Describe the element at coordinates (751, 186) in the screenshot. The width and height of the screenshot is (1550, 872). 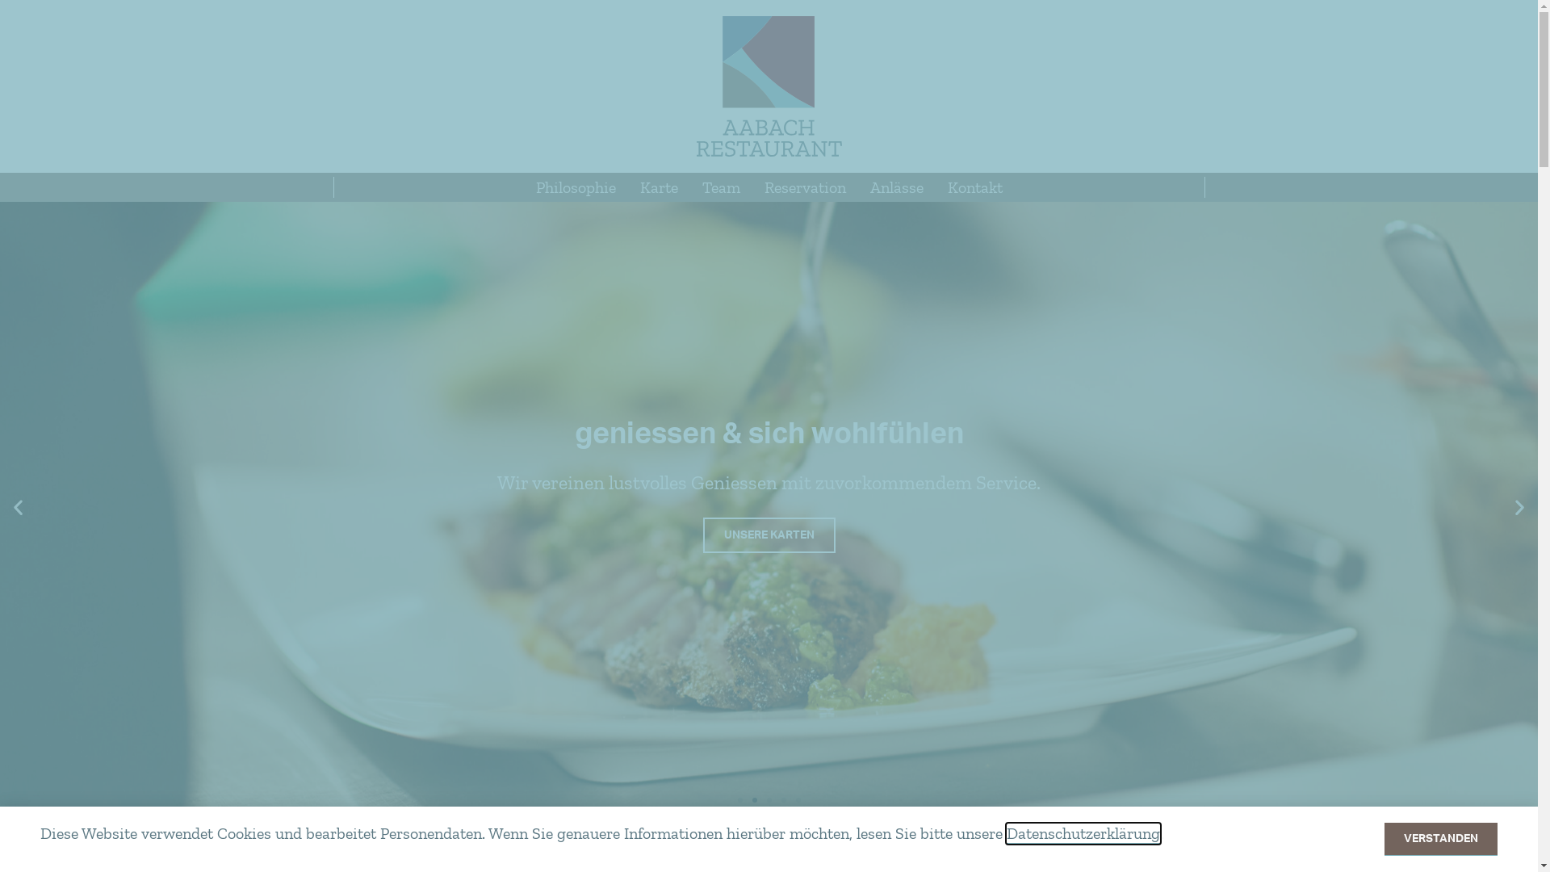
I see `'Reservation'` at that location.